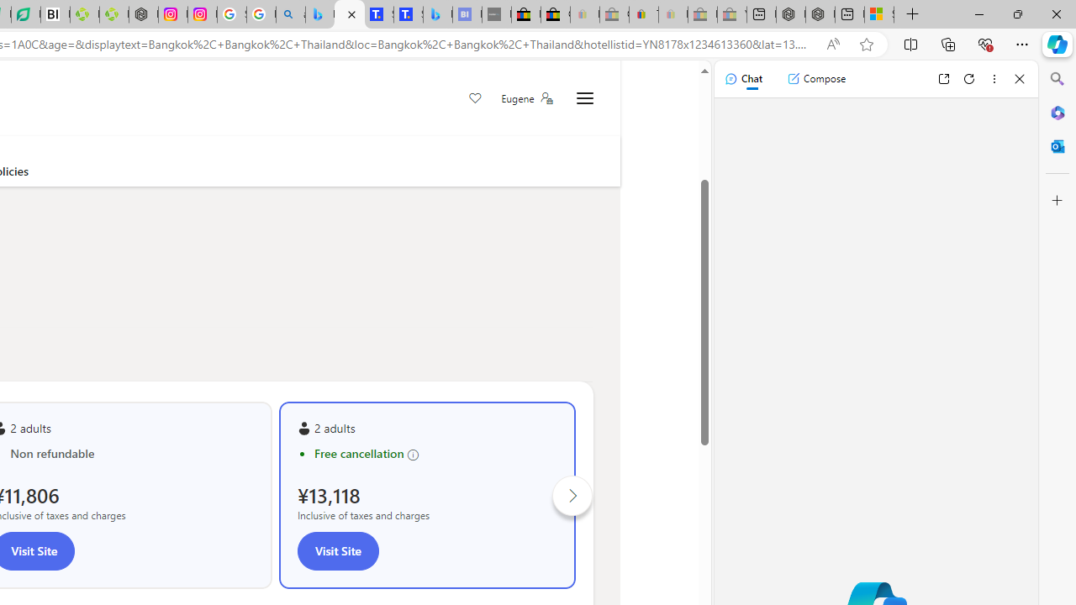 This screenshot has width=1076, height=605. I want to click on 'Non refundable', so click(130, 454).